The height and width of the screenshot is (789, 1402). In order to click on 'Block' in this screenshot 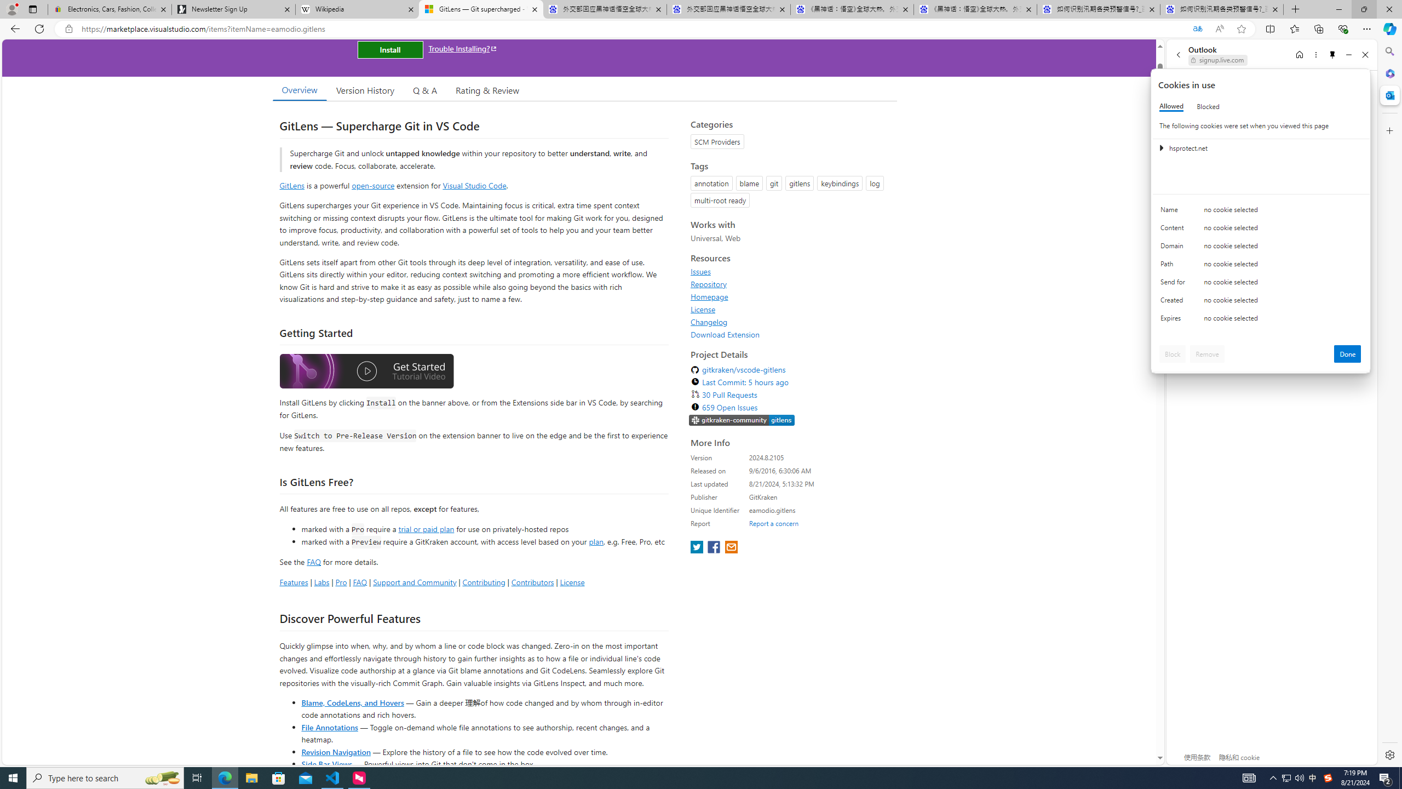, I will do `click(1172, 354)`.